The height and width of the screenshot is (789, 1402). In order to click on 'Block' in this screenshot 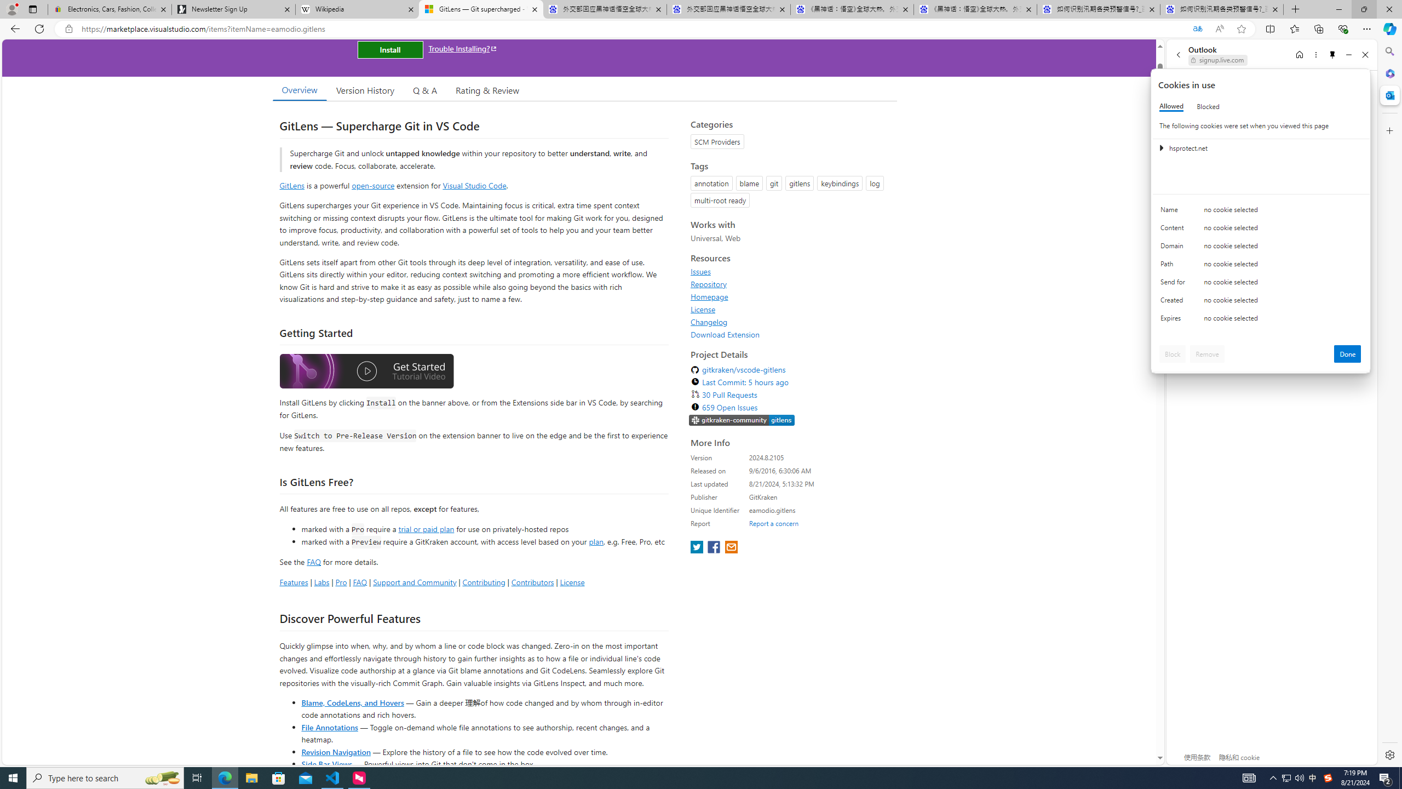, I will do `click(1172, 354)`.